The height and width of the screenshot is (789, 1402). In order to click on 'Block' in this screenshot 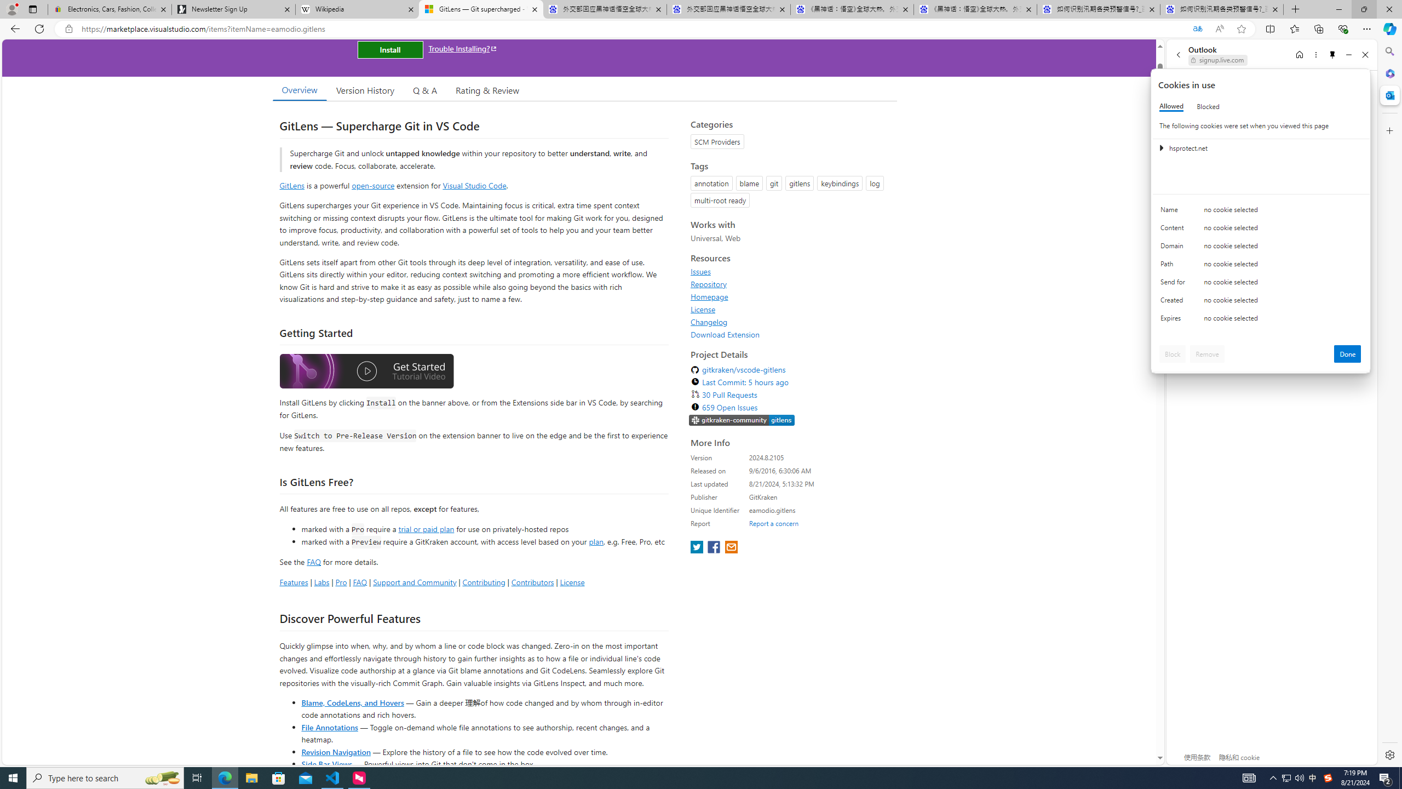, I will do `click(1172, 354)`.